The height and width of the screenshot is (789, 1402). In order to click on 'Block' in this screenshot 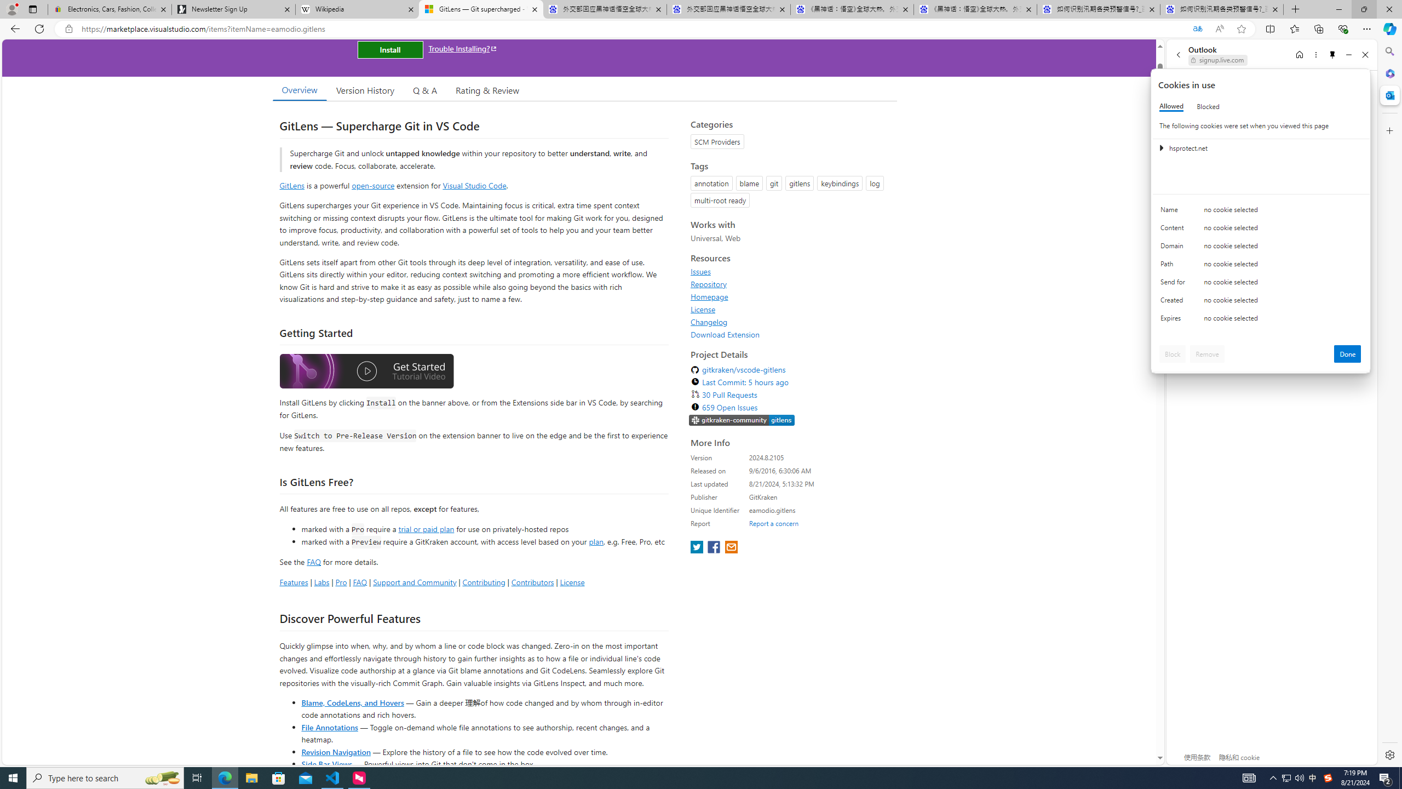, I will do `click(1172, 354)`.